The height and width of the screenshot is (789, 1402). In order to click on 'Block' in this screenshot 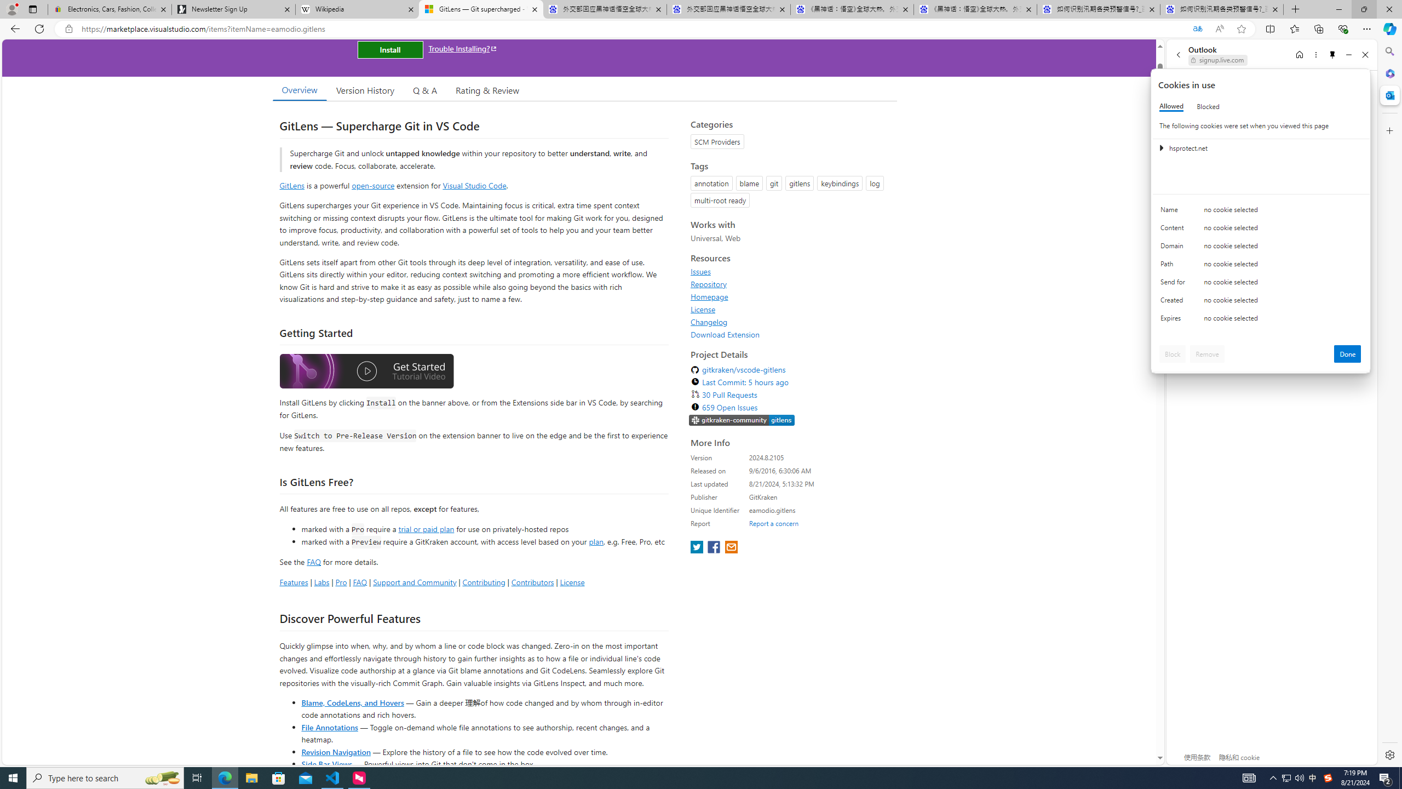, I will do `click(1172, 354)`.